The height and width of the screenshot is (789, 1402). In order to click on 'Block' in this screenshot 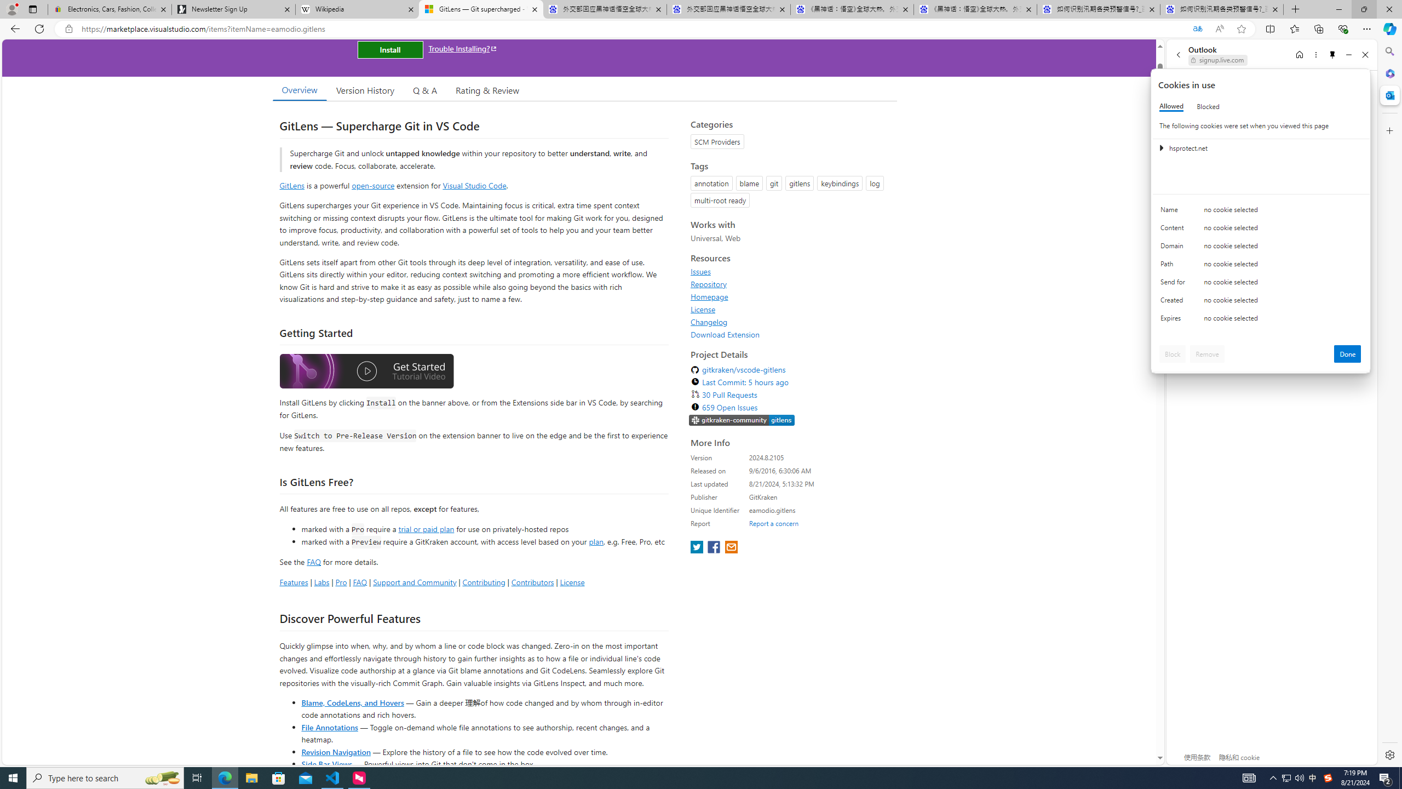, I will do `click(1172, 354)`.